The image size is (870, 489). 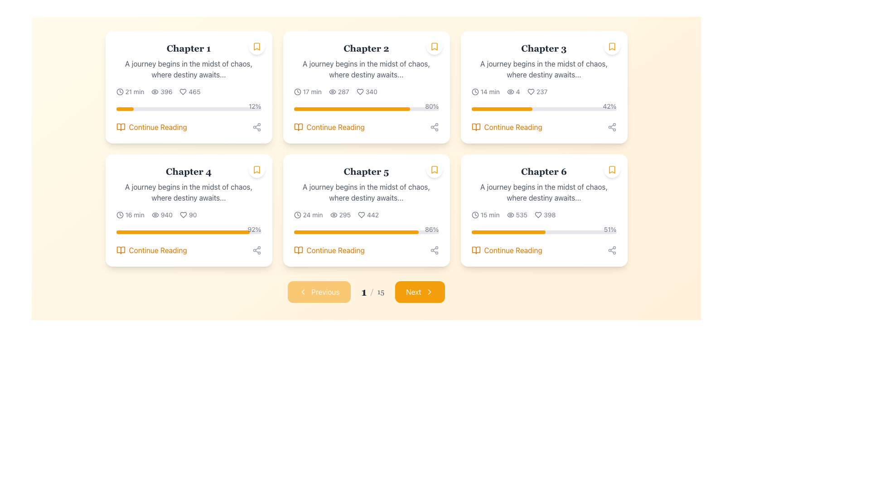 What do you see at coordinates (188, 171) in the screenshot?
I see `the chapter title text label located in the second card of the first row in the grid layout` at bounding box center [188, 171].